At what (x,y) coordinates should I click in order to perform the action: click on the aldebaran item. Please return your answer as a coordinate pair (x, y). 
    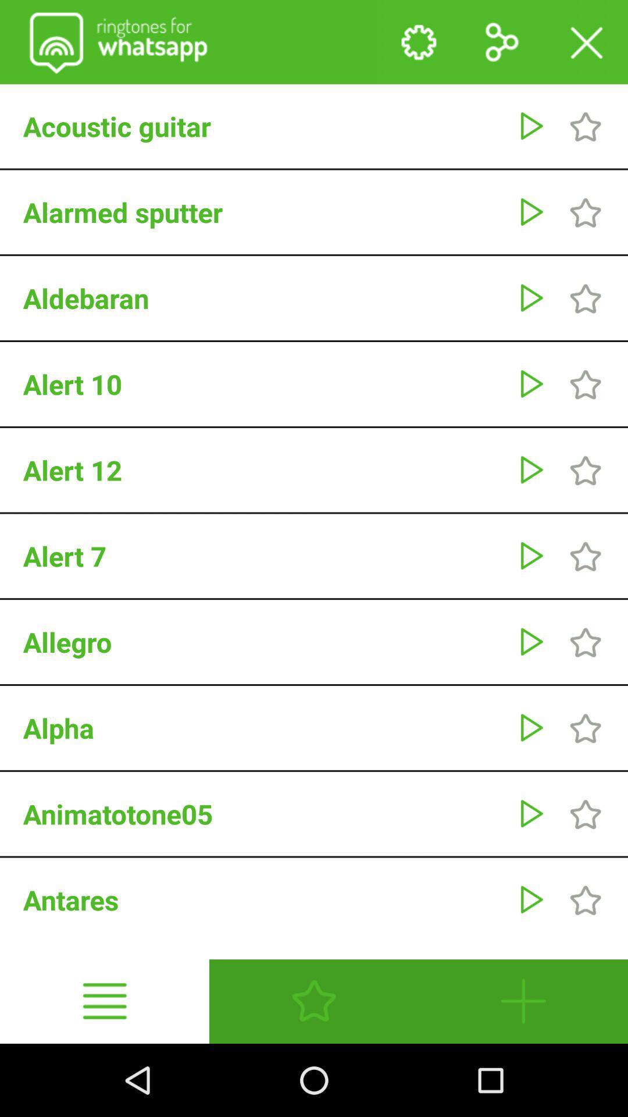
    Looking at the image, I should click on (264, 298).